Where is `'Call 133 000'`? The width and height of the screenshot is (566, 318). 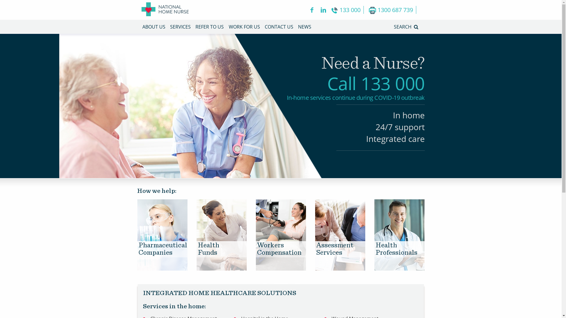
'Call 133 000' is located at coordinates (376, 83).